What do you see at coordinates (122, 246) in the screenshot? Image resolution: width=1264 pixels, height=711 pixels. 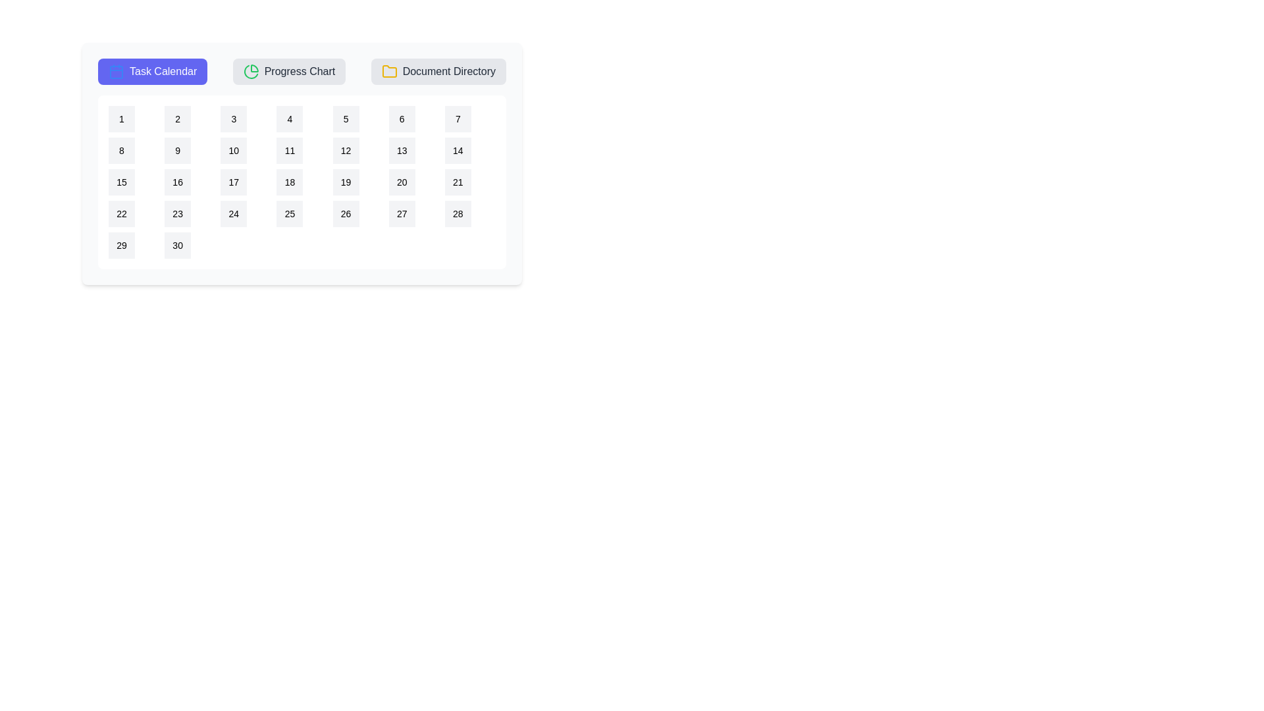 I see `the calendar date 29` at bounding box center [122, 246].